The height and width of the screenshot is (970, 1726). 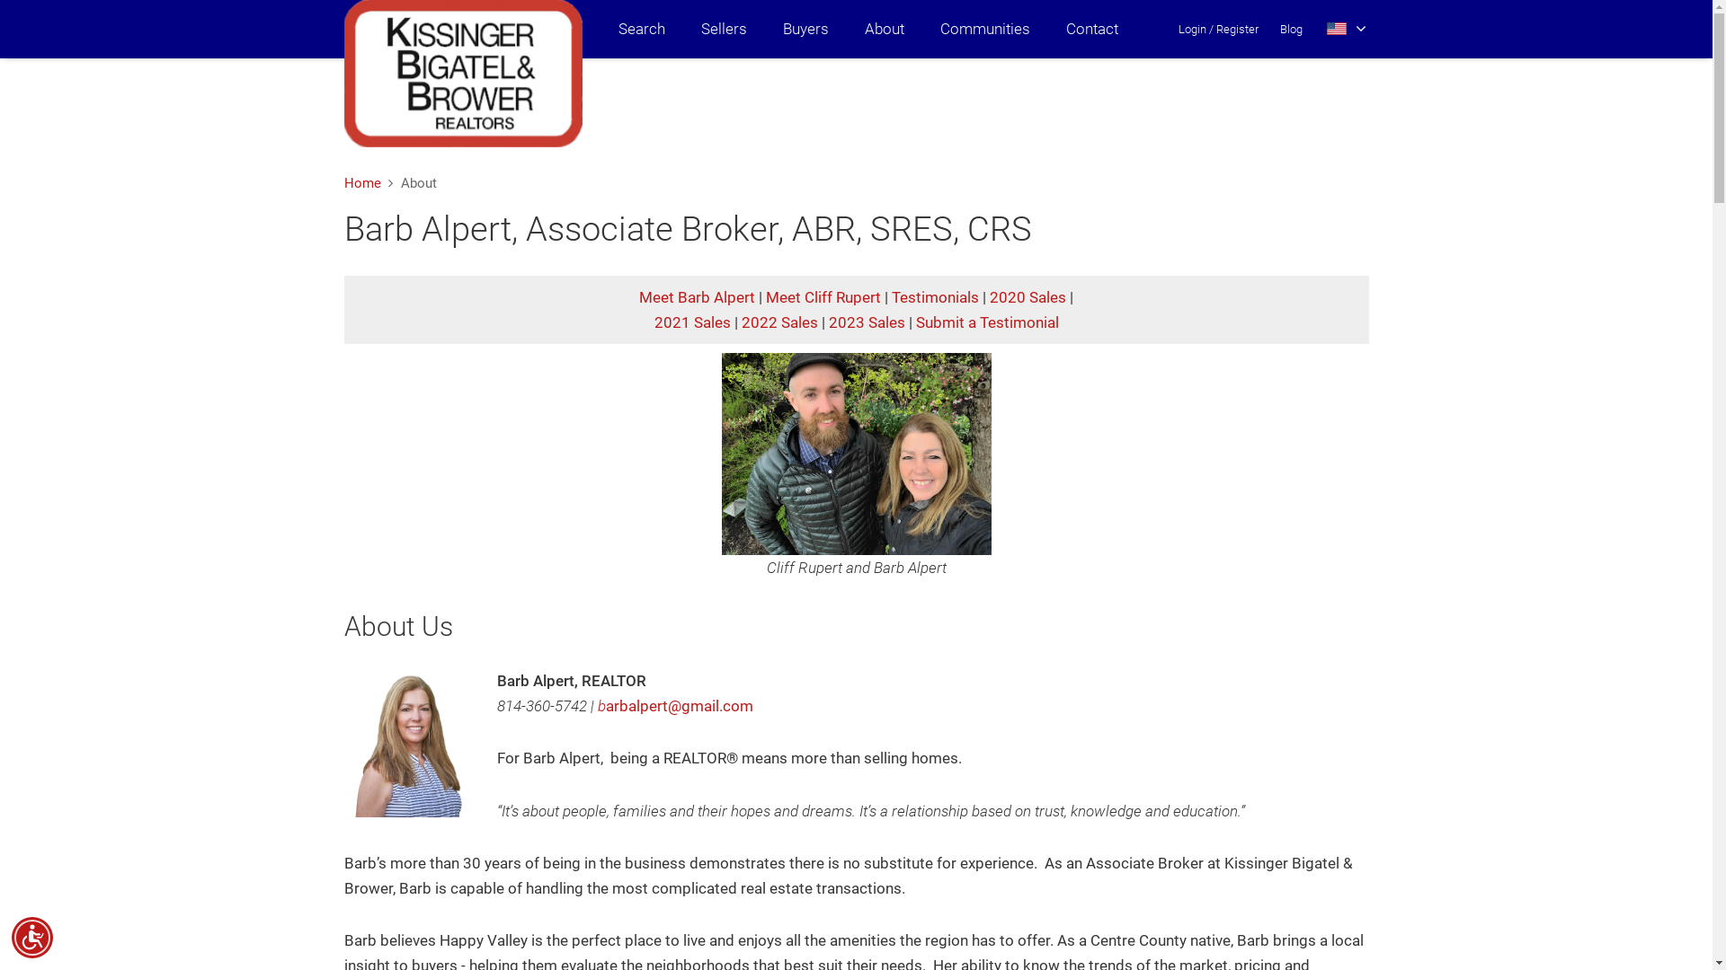 What do you see at coordinates (985, 321) in the screenshot?
I see `'Submit a Testimonial'` at bounding box center [985, 321].